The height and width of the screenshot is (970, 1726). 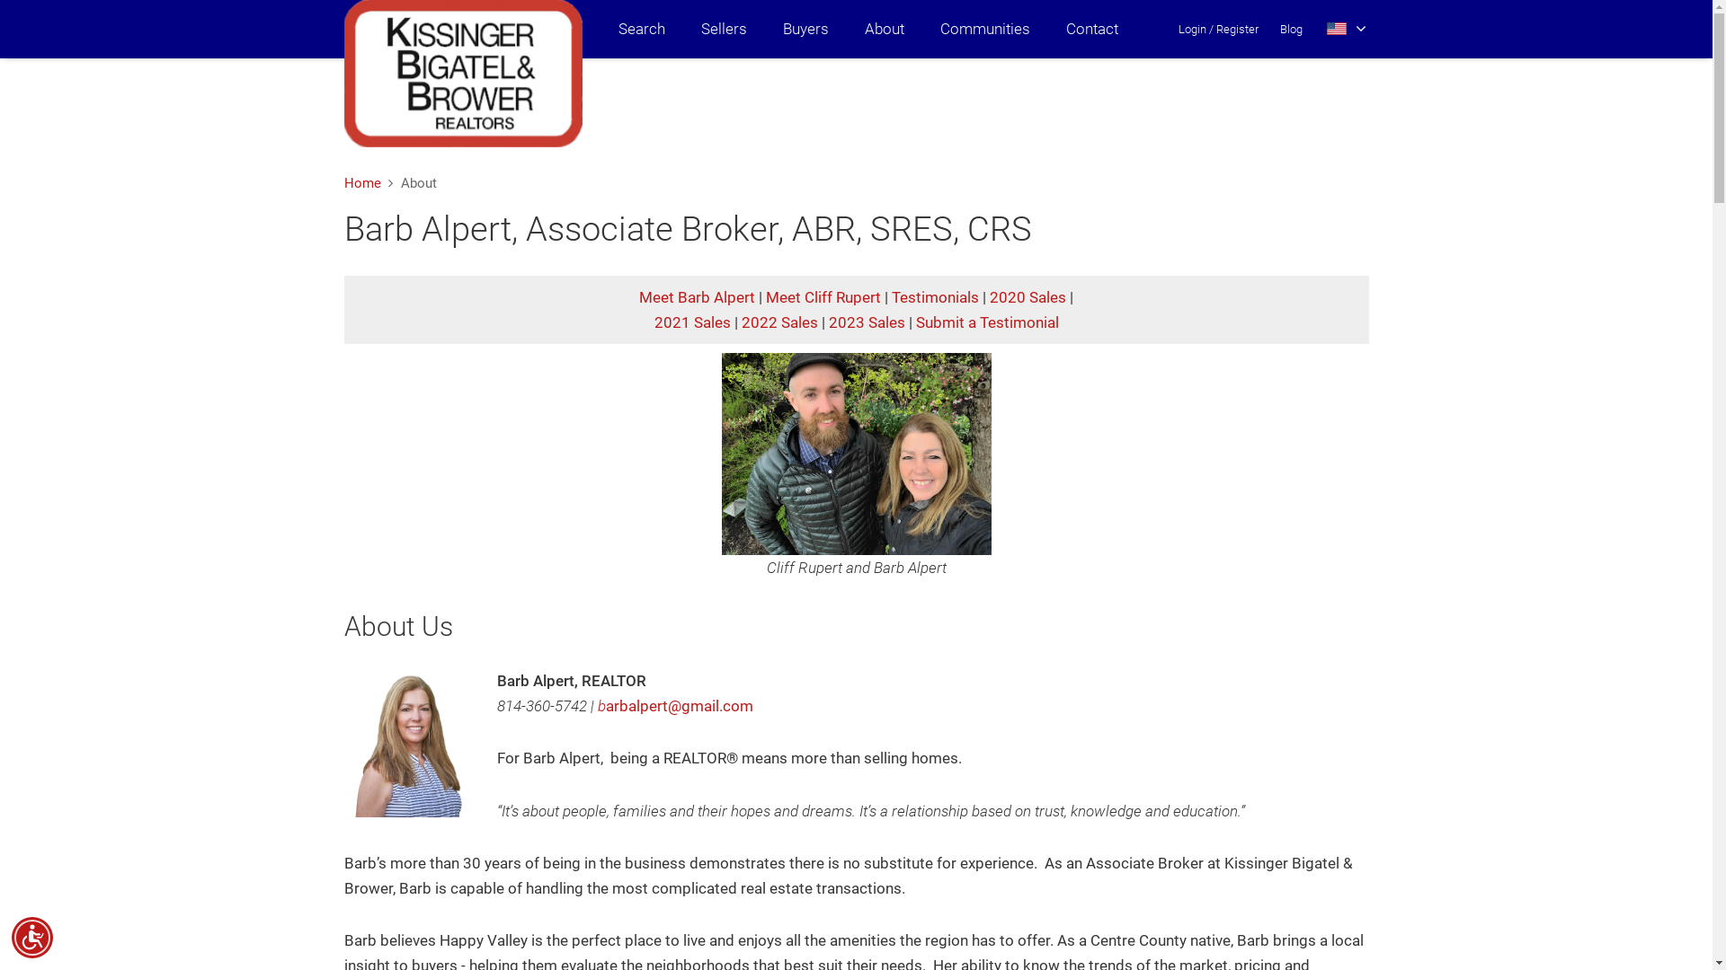 What do you see at coordinates (985, 321) in the screenshot?
I see `'Submit a Testimonial'` at bounding box center [985, 321].